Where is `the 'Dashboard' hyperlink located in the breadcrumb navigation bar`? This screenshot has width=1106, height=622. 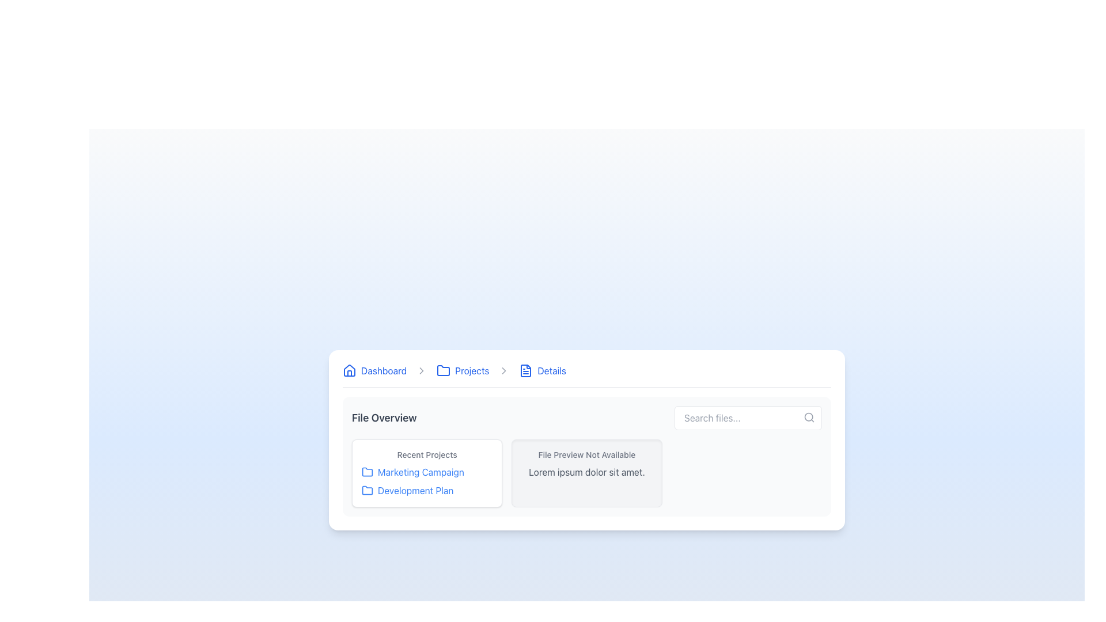 the 'Dashboard' hyperlink located in the breadcrumb navigation bar is located at coordinates (384, 370).